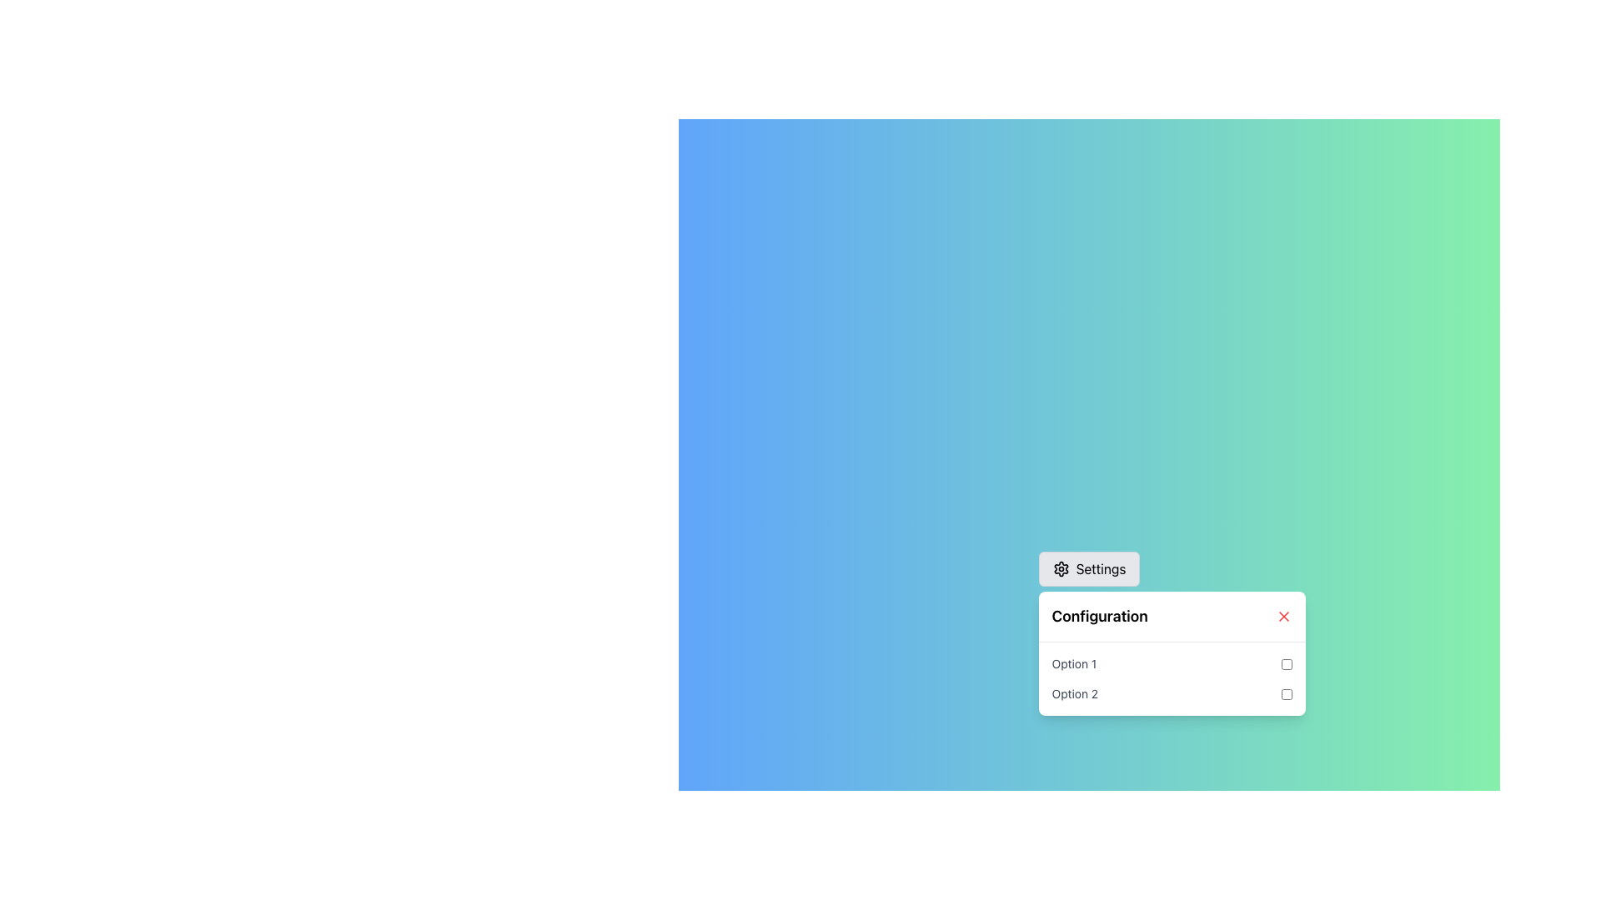 The height and width of the screenshot is (900, 1601). What do you see at coordinates (1074, 663) in the screenshot?
I see `the descriptive text label for 'Option 1' located in the 'Configuration' settings dialog box, positioned to the left of the corresponding checkbox` at bounding box center [1074, 663].